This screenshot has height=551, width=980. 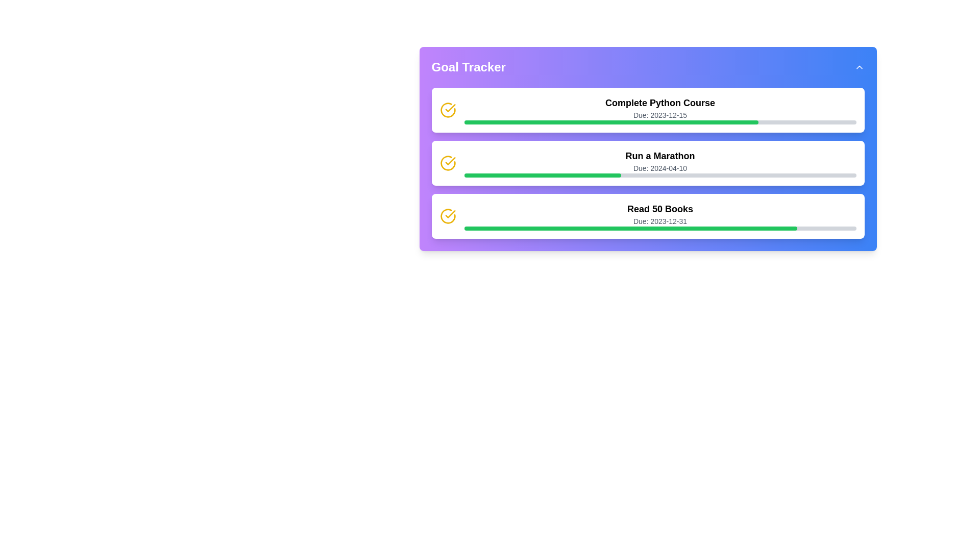 I want to click on the checkmark icon located in the uppermost card of the list, positioned to the extreme left adjacent to the text block, so click(x=448, y=110).